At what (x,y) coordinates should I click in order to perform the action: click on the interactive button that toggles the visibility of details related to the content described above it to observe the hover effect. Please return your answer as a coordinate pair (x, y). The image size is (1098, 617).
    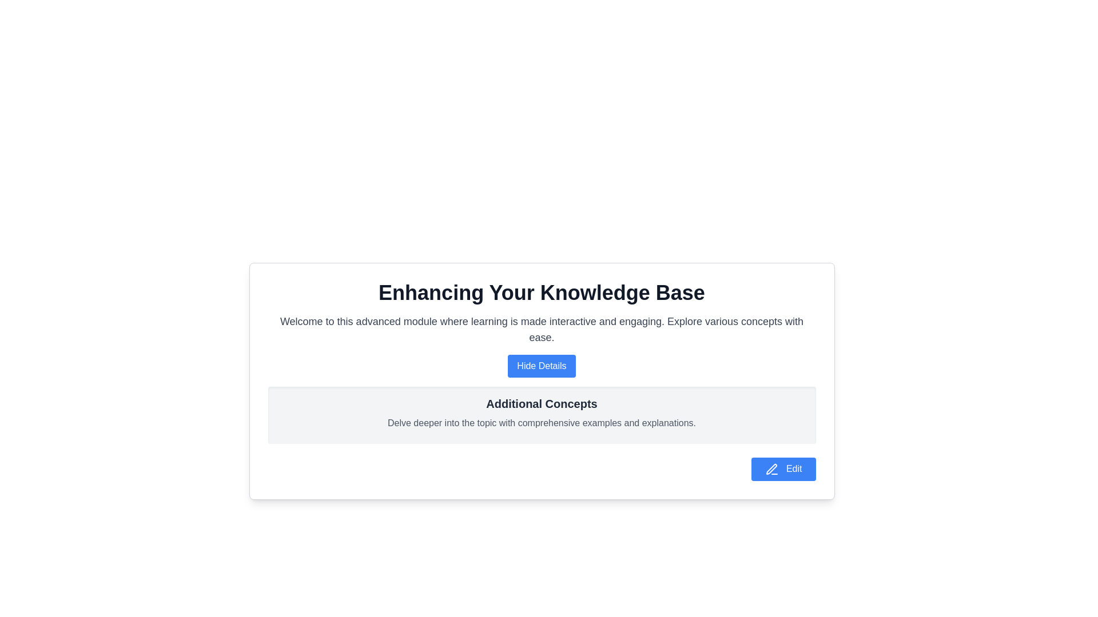
    Looking at the image, I should click on (541, 366).